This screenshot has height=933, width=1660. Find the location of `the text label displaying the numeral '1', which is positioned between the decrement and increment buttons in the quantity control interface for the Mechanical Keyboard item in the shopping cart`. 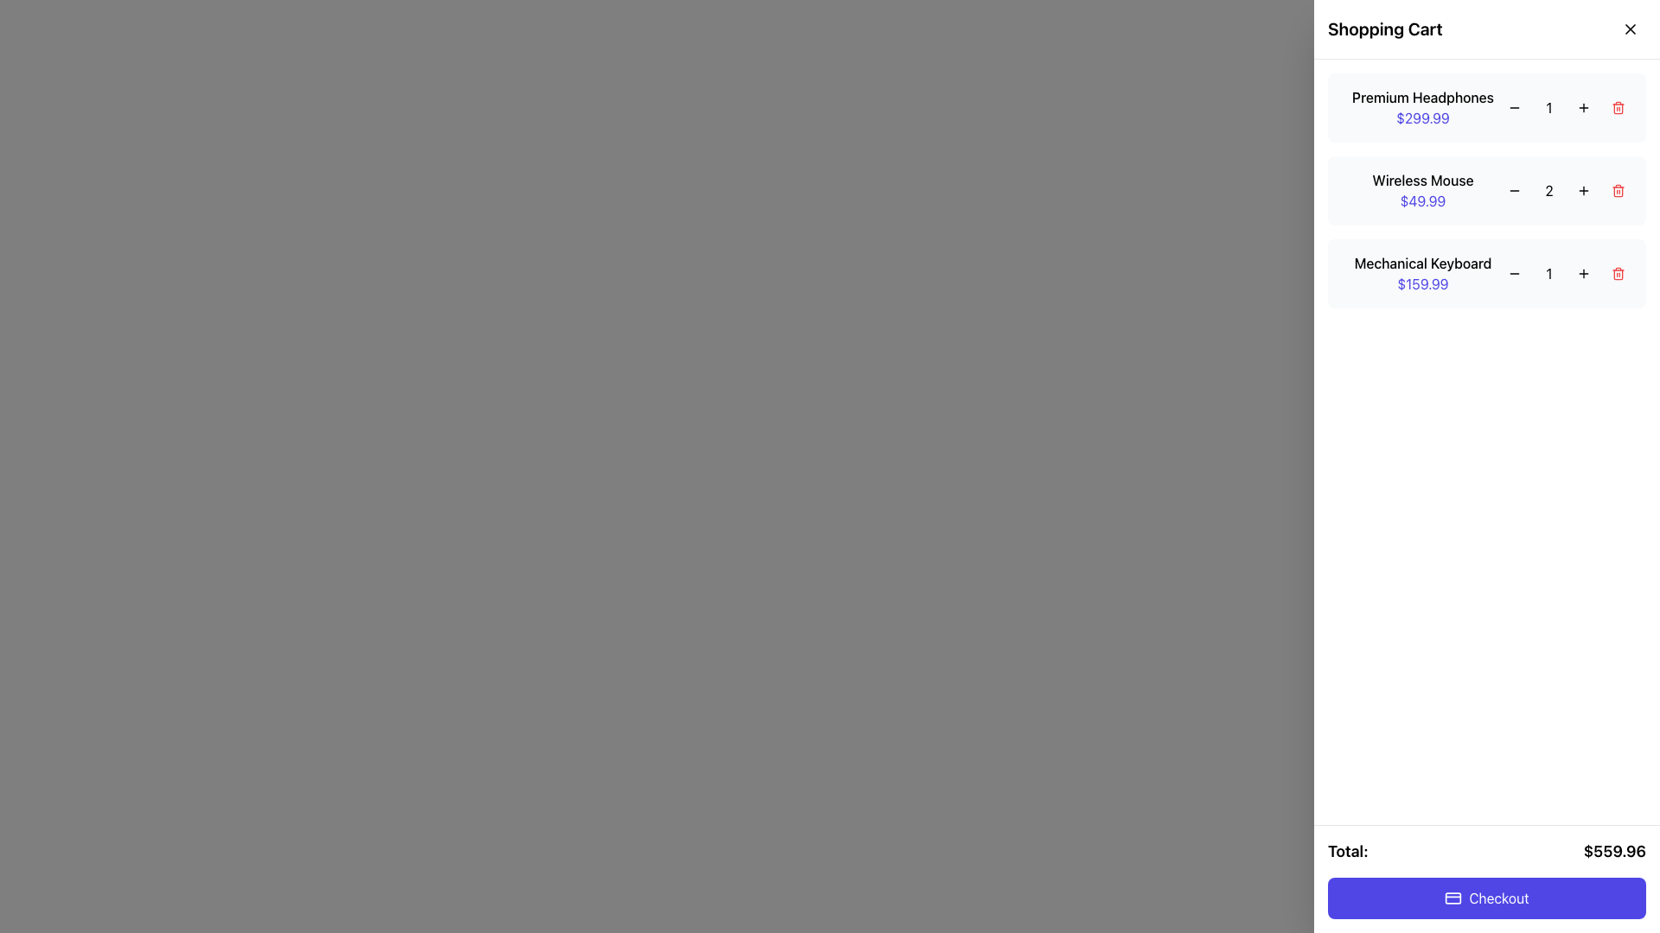

the text label displaying the numeral '1', which is positioned between the decrement and increment buttons in the quantity control interface for the Mechanical Keyboard item in the shopping cart is located at coordinates (1548, 272).